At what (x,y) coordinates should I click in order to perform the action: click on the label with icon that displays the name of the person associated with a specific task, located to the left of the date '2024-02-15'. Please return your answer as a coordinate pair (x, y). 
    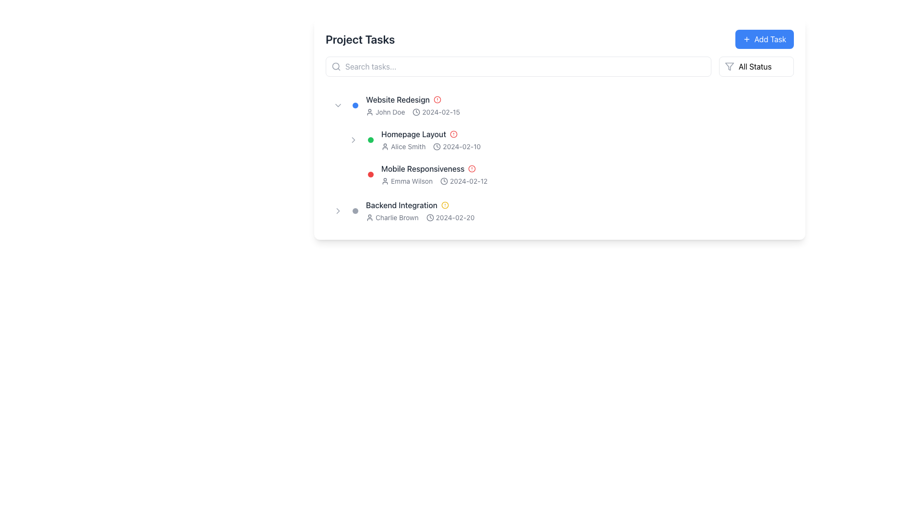
    Looking at the image, I should click on (385, 112).